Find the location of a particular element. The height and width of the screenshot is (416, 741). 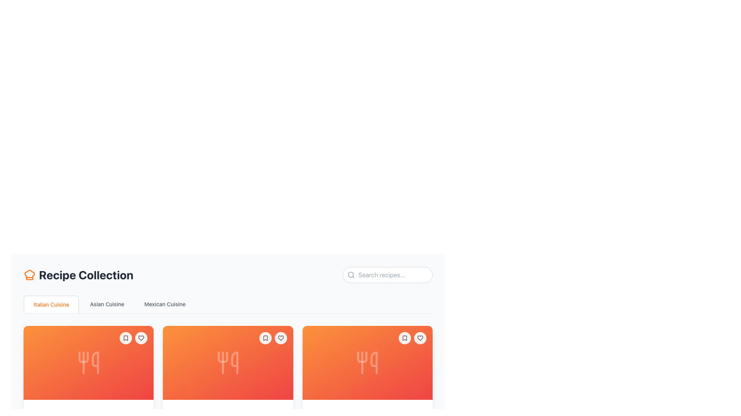

the favorite icon located within a round, white background button in the upper-right corner of the orange recipe card to mark the recipe as favorite is located at coordinates (420, 338).